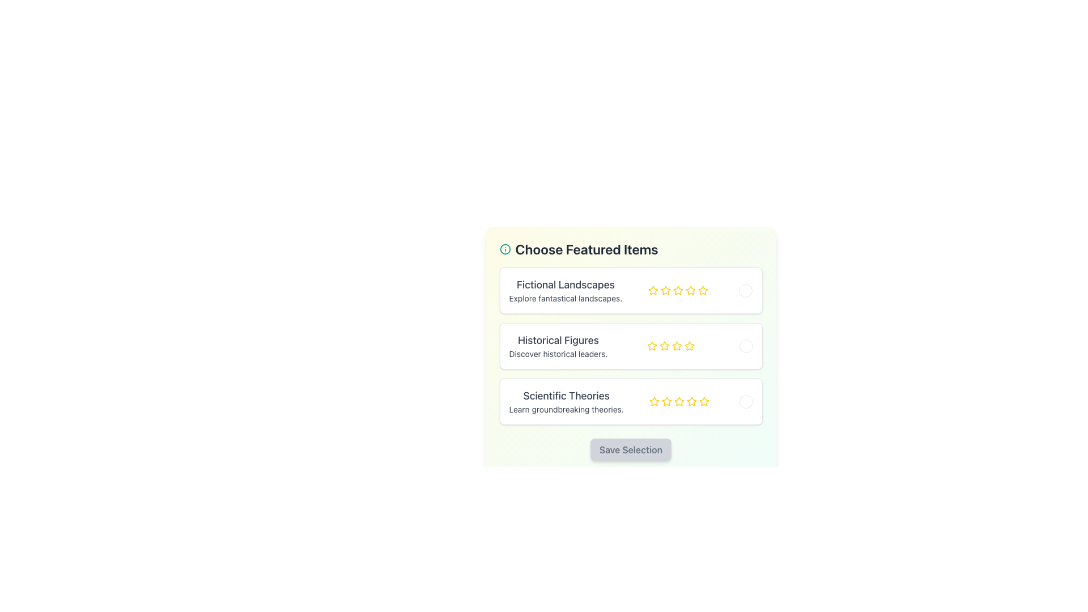 The width and height of the screenshot is (1088, 612). I want to click on the second star, so click(666, 290).